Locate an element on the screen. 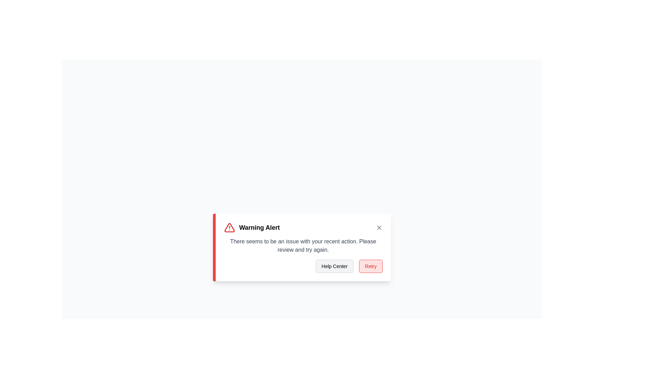  the close button to dismiss the alert is located at coordinates (379, 228).